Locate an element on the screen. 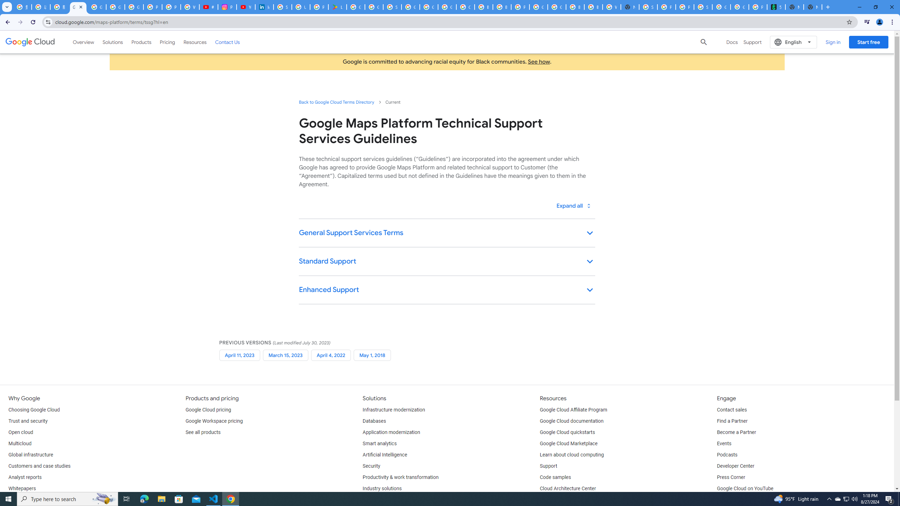 The image size is (900, 506). 'Privacy Help Center - Policies Help' is located at coordinates (153, 7).